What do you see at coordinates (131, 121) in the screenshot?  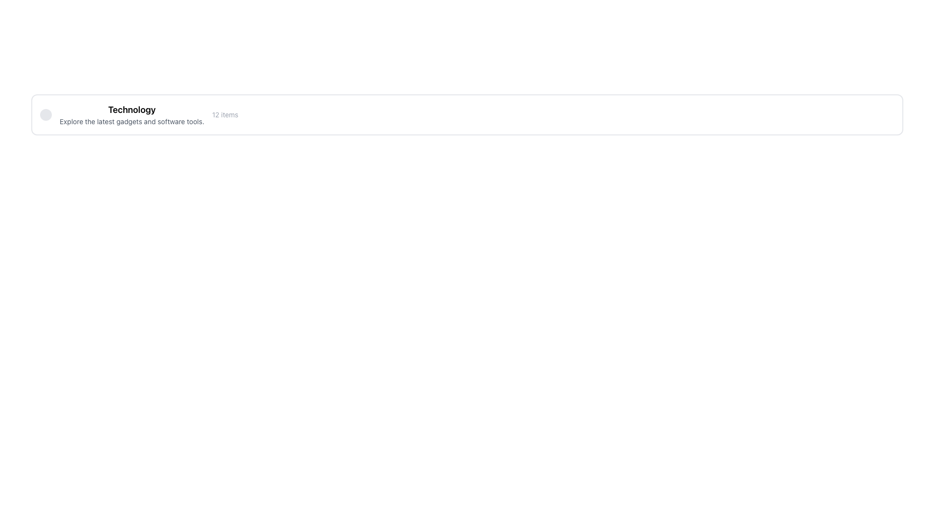 I see `the small gray text label displaying 'Explore the latest gadgets and software tools.' located below the bolded title 'Technology'` at bounding box center [131, 121].